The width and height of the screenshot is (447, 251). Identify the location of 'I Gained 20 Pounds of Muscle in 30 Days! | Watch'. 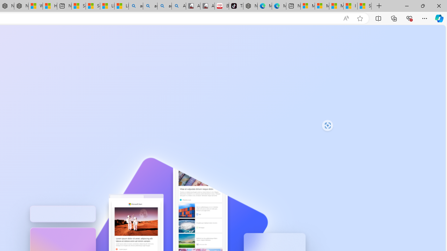
(350, 6).